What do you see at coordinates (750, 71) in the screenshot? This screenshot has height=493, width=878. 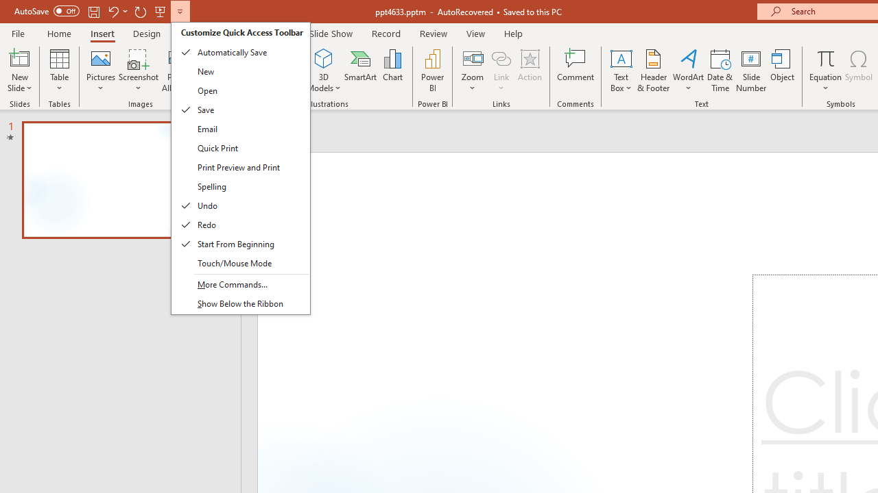 I see `'Slide Number'` at bounding box center [750, 71].